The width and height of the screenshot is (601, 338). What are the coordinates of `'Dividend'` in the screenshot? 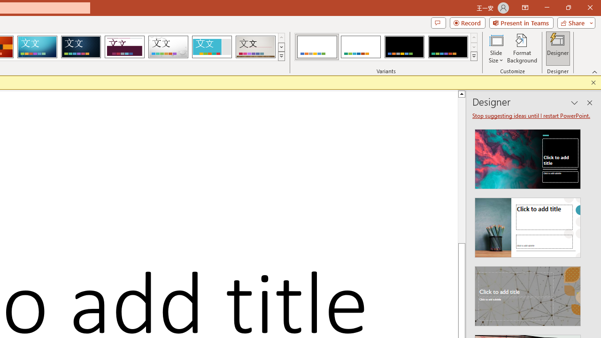 It's located at (124, 47).